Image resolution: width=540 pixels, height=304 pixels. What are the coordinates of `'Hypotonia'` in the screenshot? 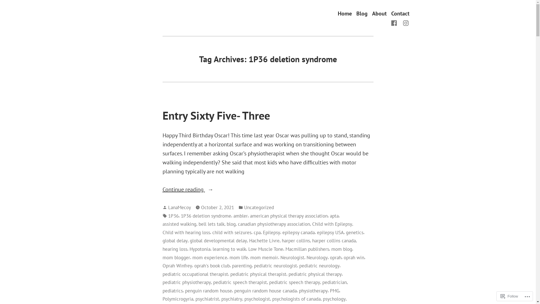 It's located at (200, 249).